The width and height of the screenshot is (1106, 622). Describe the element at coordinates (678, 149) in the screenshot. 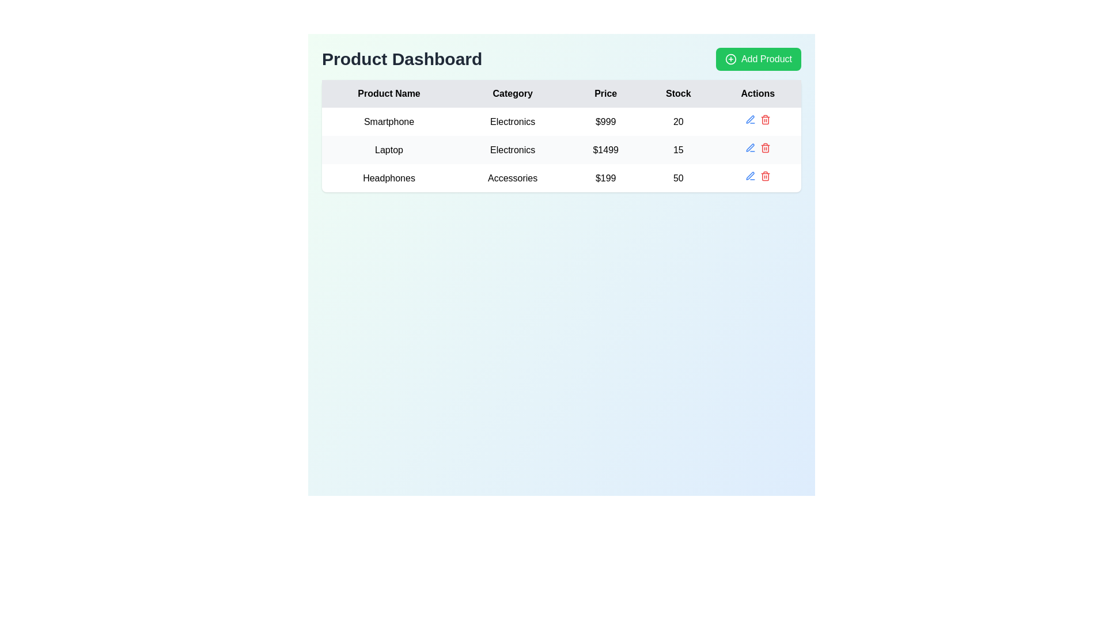

I see `the static text displaying the stock quantity for the 'Laptop' item in the 'Stock' column of the table` at that location.